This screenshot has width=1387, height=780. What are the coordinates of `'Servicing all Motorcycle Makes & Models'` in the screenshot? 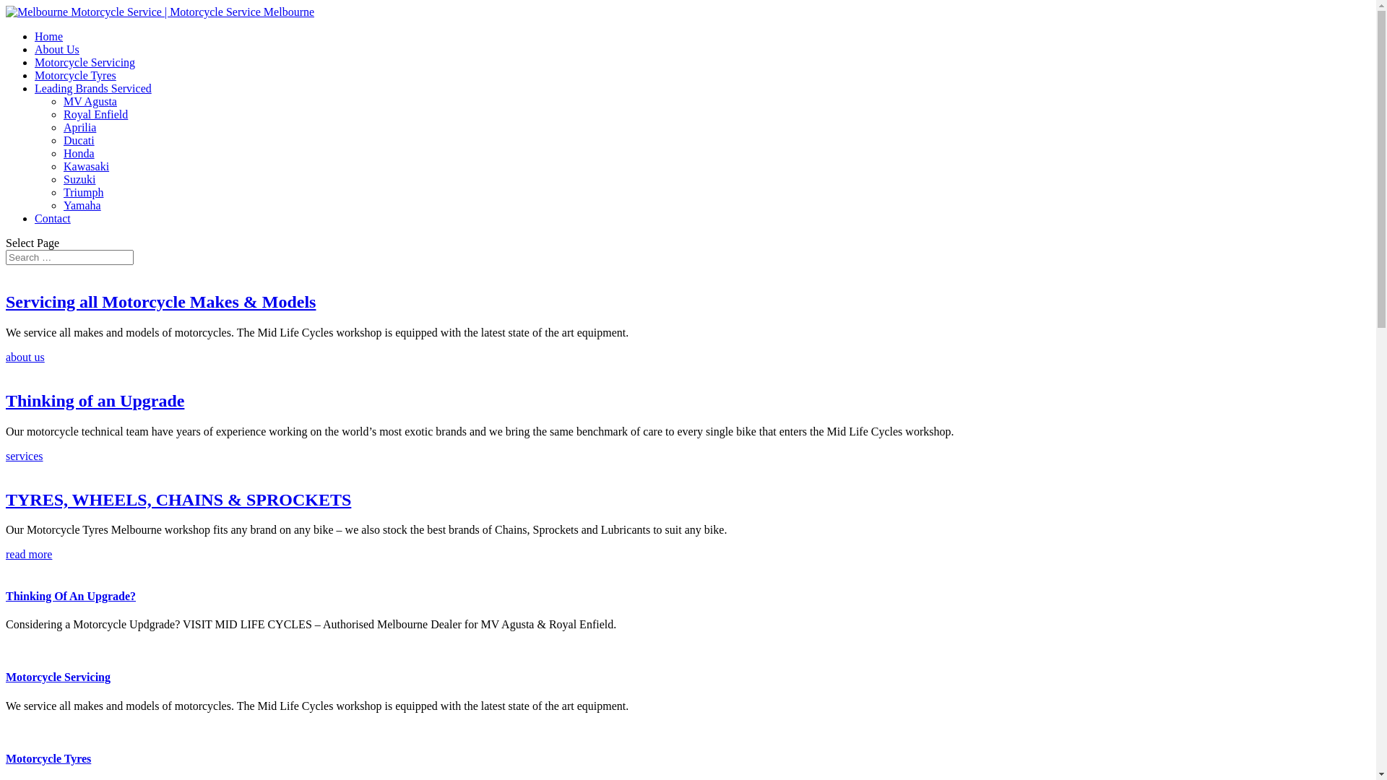 It's located at (160, 300).